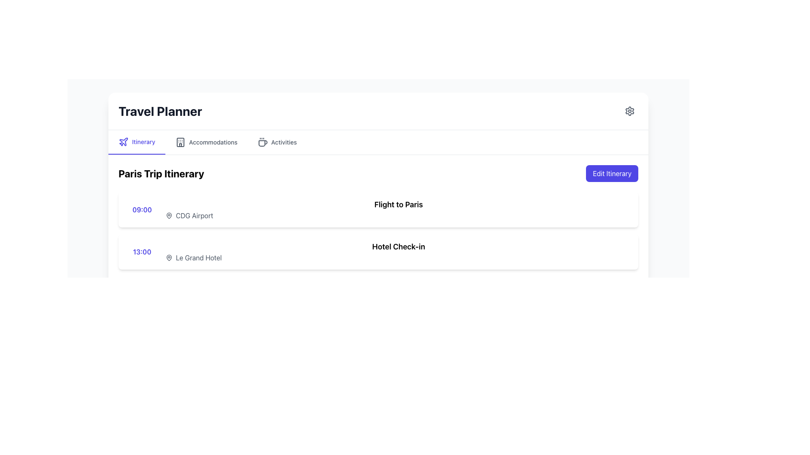  I want to click on the text label 'Flight to Paris', which is prominently displayed in bold and large font size at the top-right section of the '09:00' itinerary row in the 'Paris Trip Itinerary' list, so click(398, 205).